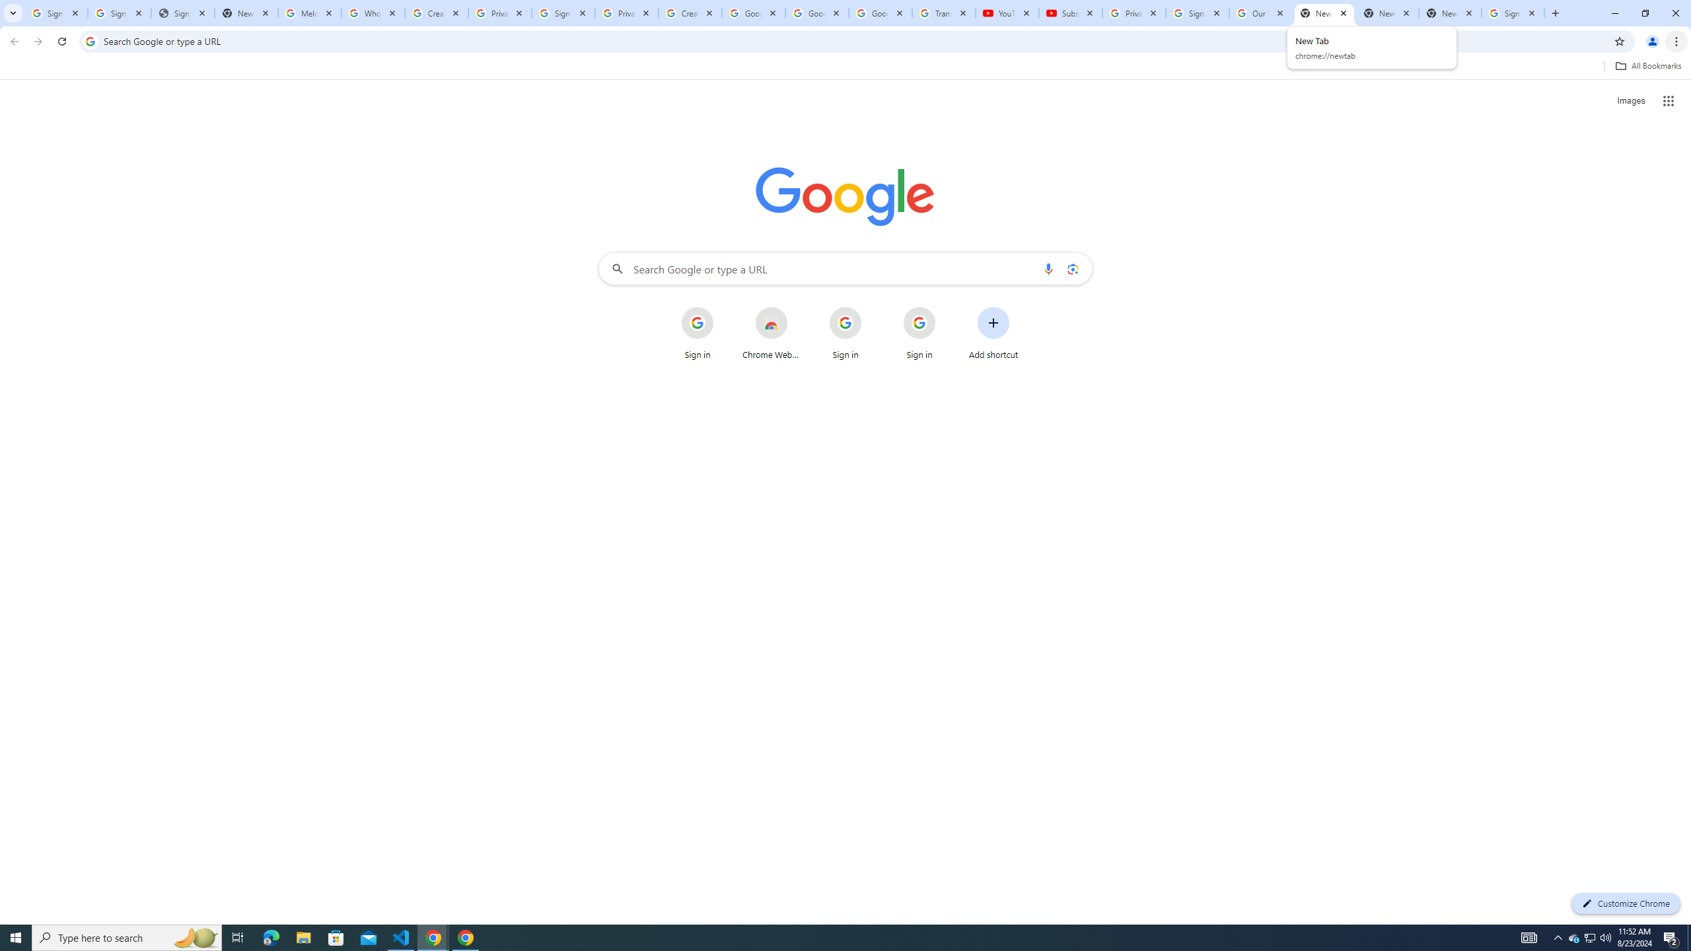 The height and width of the screenshot is (951, 1691). What do you see at coordinates (1631, 101) in the screenshot?
I see `'Search for Images '` at bounding box center [1631, 101].